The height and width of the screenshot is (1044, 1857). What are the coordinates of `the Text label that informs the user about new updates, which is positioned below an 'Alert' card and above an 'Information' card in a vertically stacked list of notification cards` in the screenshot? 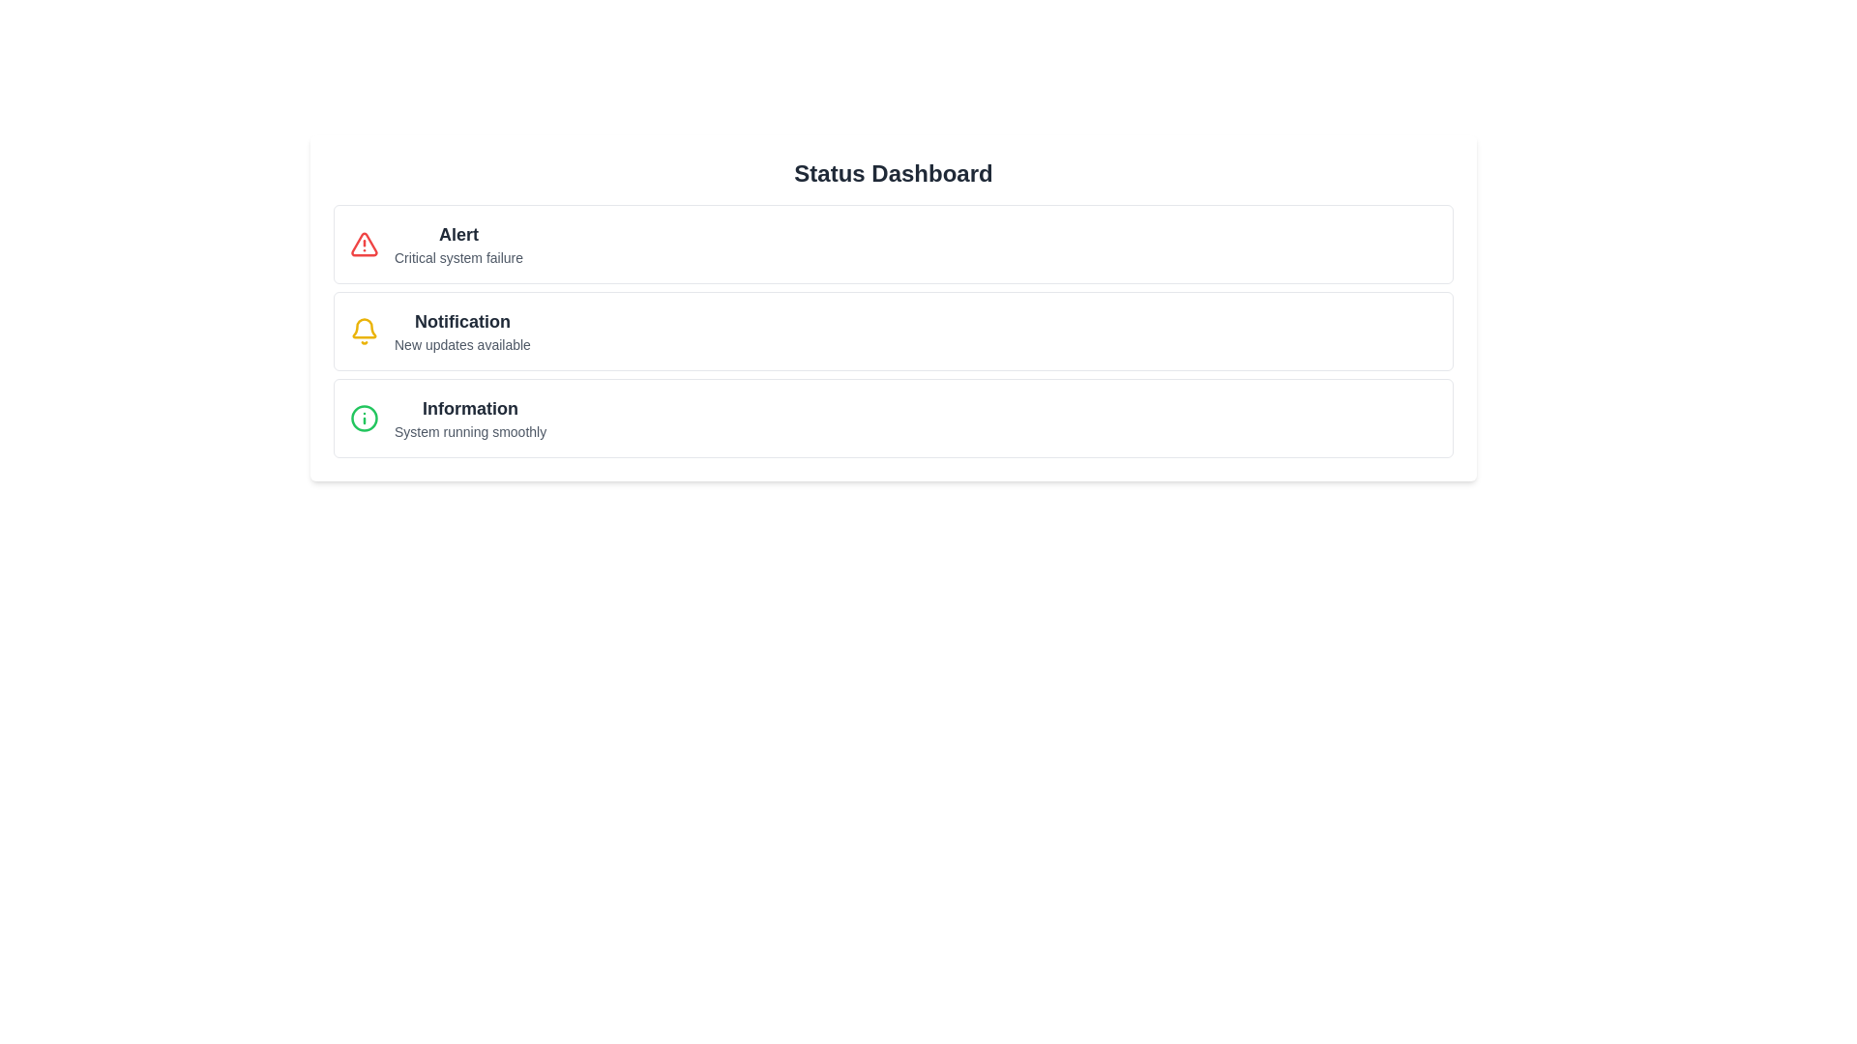 It's located at (461, 331).